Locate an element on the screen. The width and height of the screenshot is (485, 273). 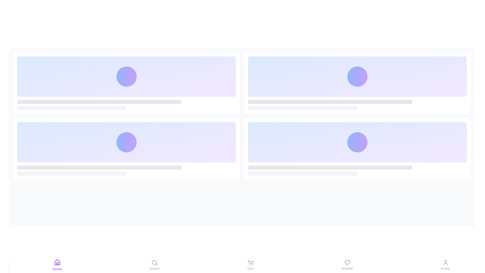
the profile icon represented by a user-shaped graphic in the navigation bar to possibly see a tooltip is located at coordinates (445, 262).